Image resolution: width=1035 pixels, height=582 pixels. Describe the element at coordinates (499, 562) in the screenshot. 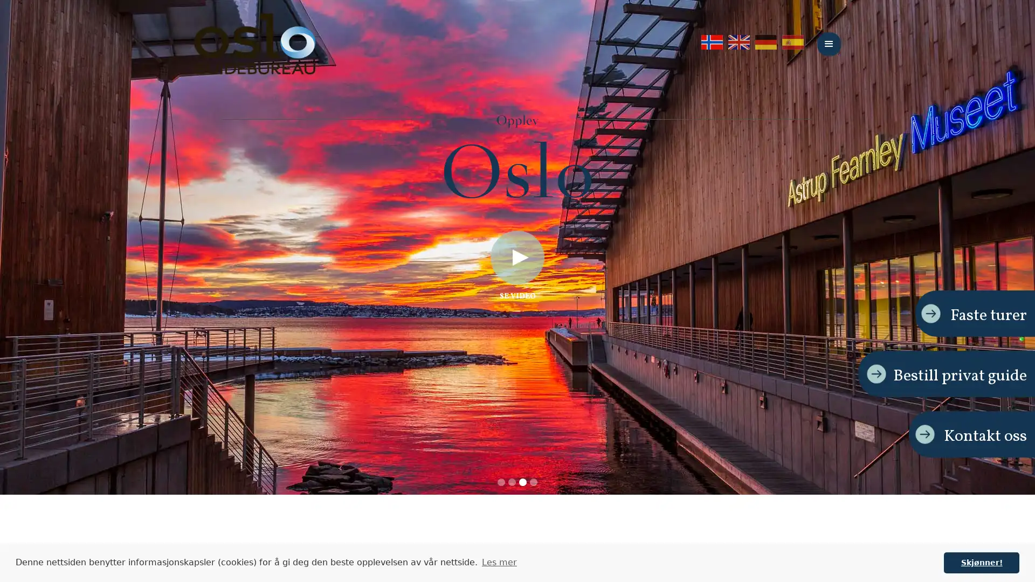

I see `learn more about cookies` at that location.